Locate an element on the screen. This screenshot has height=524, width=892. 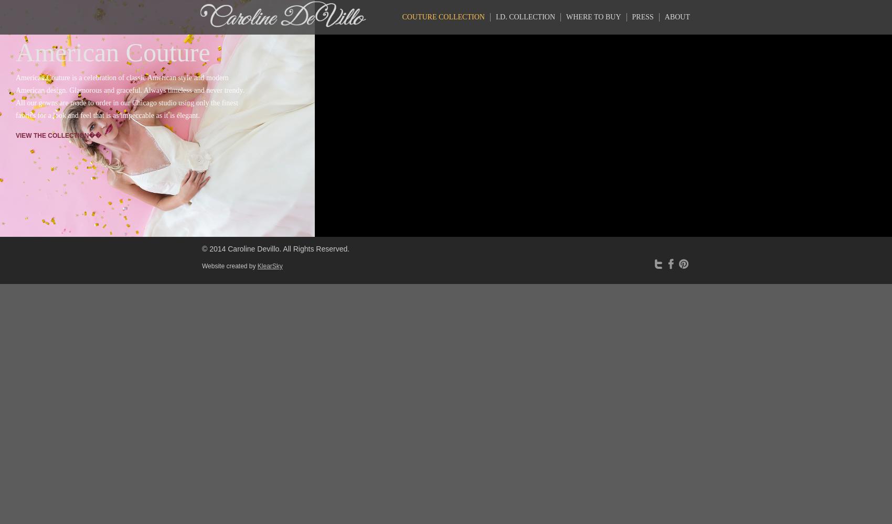
'Website created by' is located at coordinates (229, 266).